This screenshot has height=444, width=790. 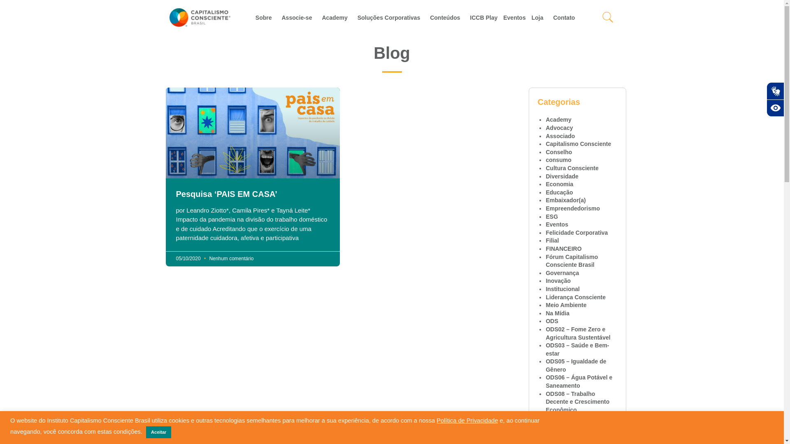 What do you see at coordinates (559, 152) in the screenshot?
I see `'Conselho'` at bounding box center [559, 152].